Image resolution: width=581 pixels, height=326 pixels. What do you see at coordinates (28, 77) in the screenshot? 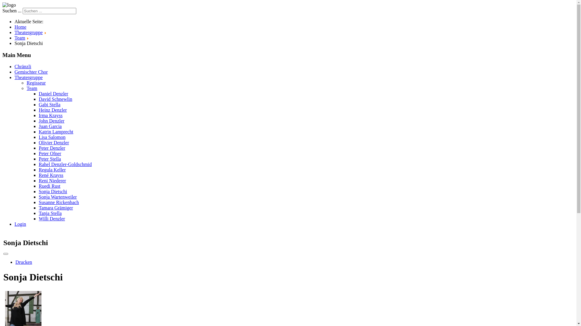
I see `'Theatergruppe'` at bounding box center [28, 77].